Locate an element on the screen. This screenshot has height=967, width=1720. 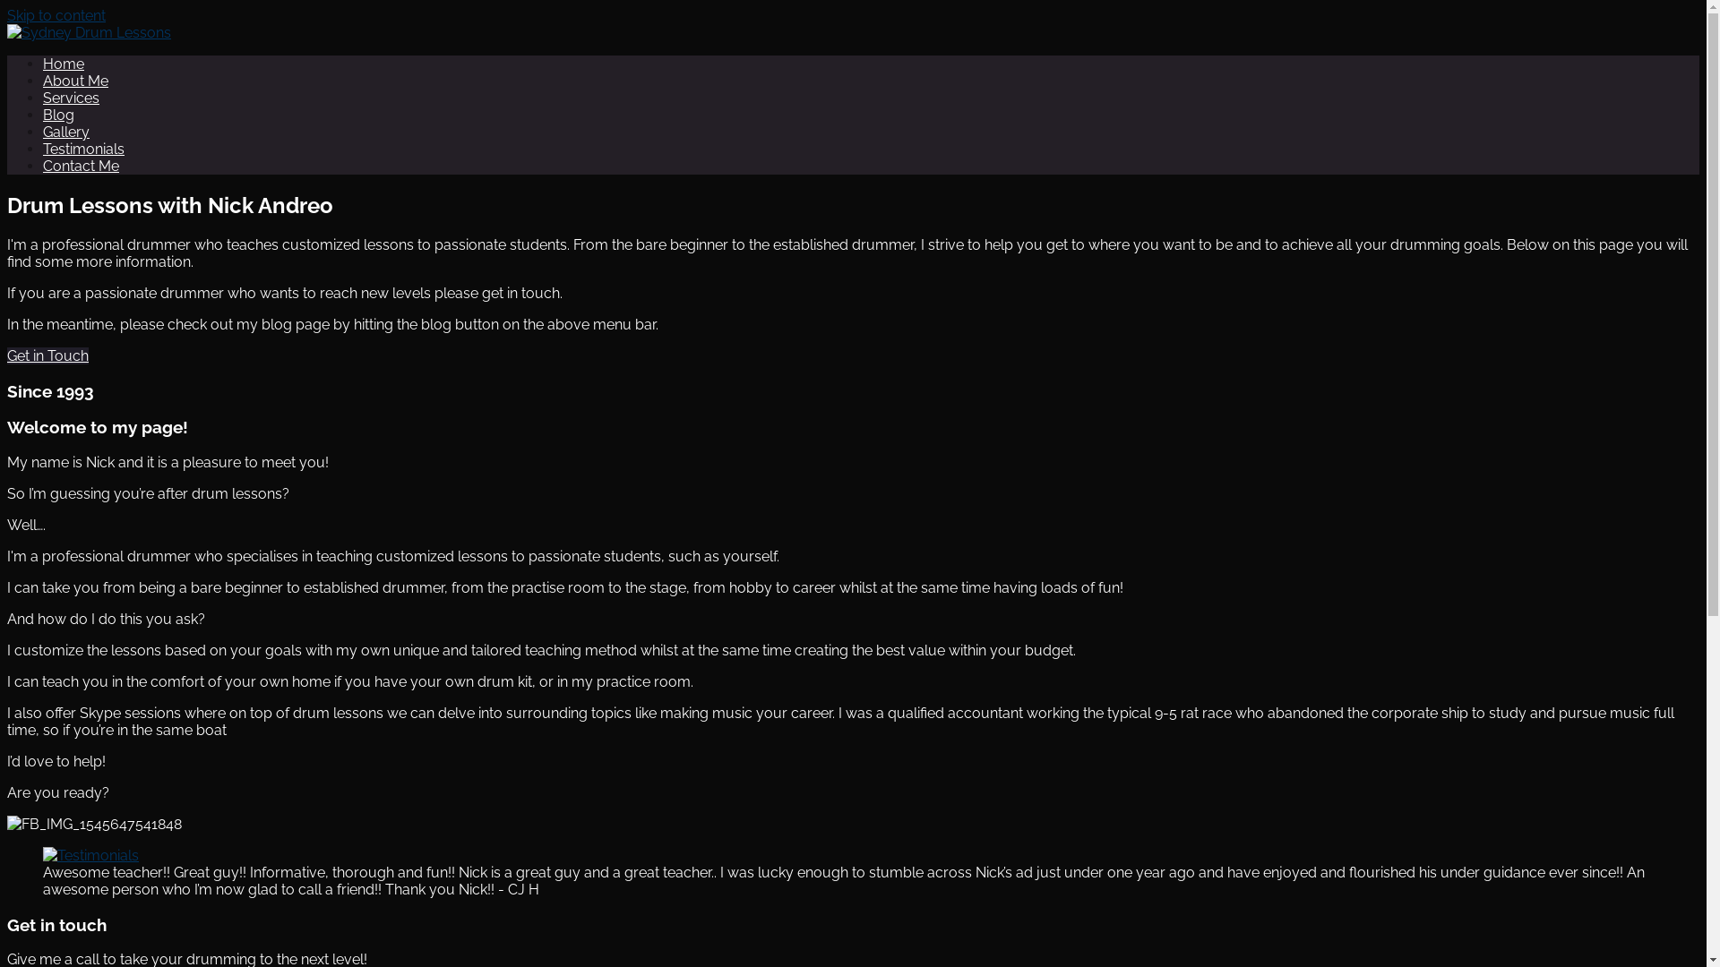
'FB_IMG_1545647541848' is located at coordinates (7, 824).